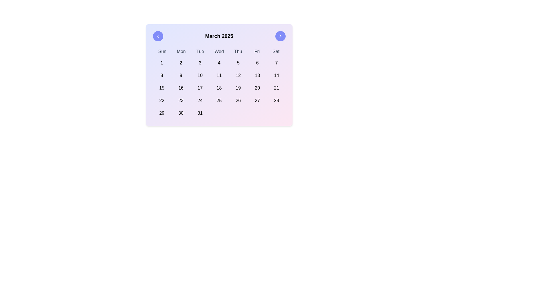  Describe the element at coordinates (257, 75) in the screenshot. I see `the clickable text item representing the calendar date located in the second week, Friday column` at that location.